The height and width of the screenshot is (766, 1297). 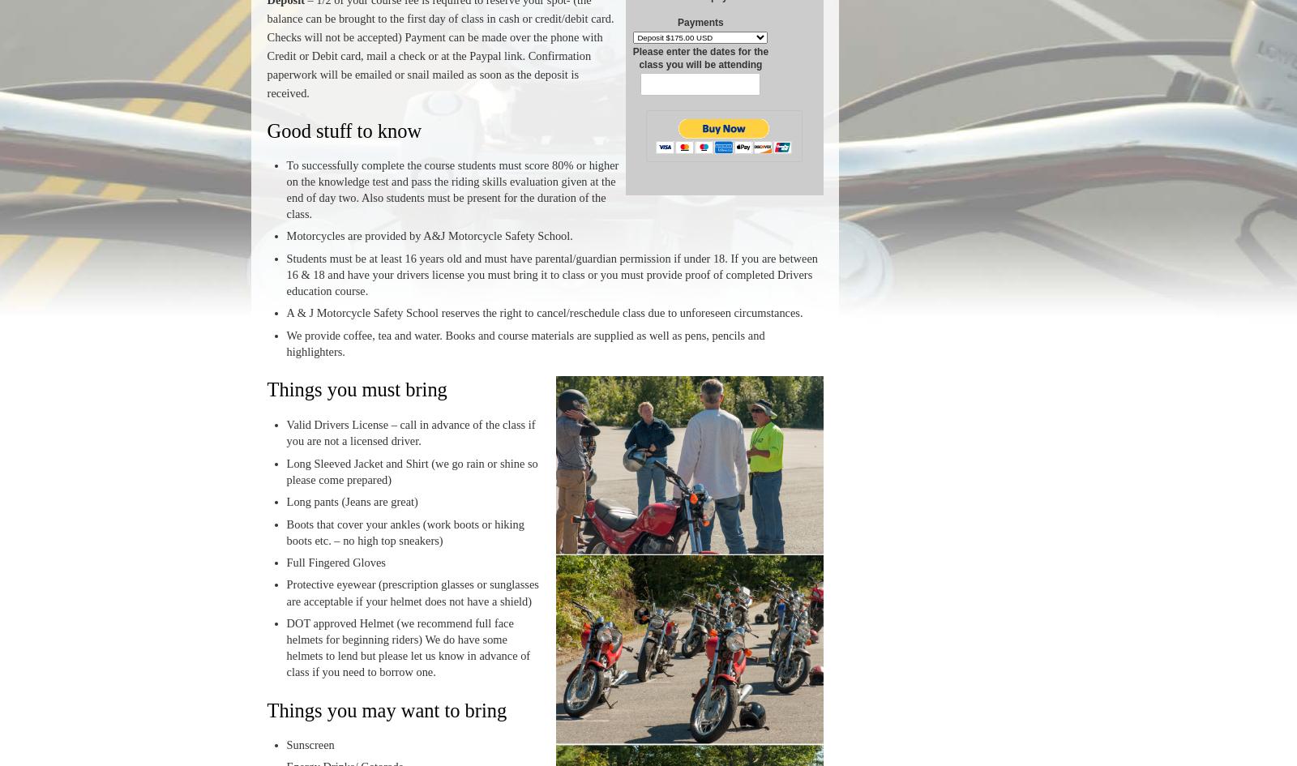 What do you see at coordinates (385, 709) in the screenshot?
I see `'Things you may want to bring'` at bounding box center [385, 709].